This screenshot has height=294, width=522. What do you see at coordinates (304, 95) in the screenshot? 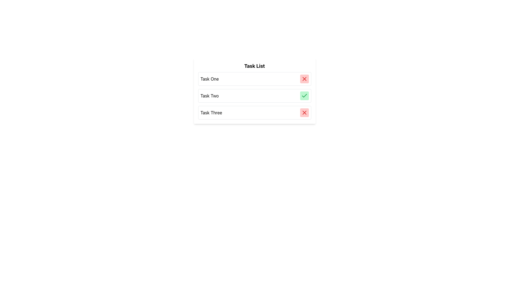
I see `the green checkmark button in the 'Task Two' row to mark the task as completed` at bounding box center [304, 95].